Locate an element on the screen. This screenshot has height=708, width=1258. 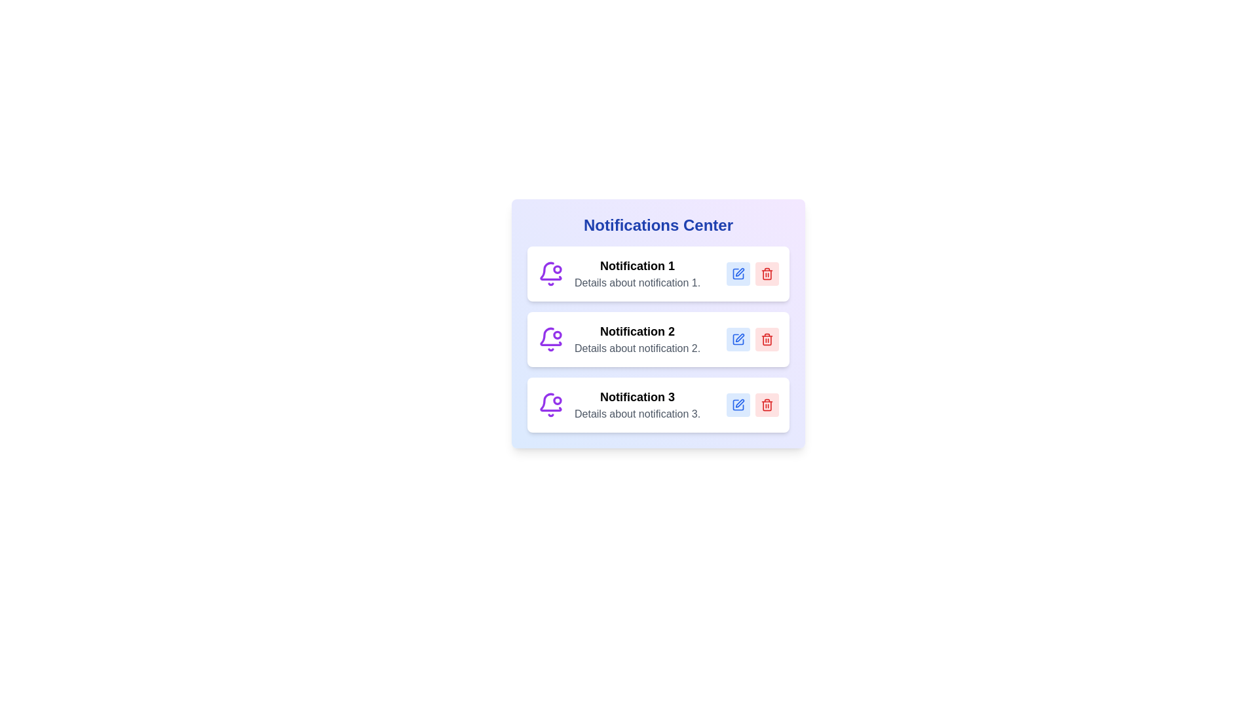
the edit icon located in the third notification group from the top, positioned to the right of the notification's text and left of the delete icon is located at coordinates (740, 403).